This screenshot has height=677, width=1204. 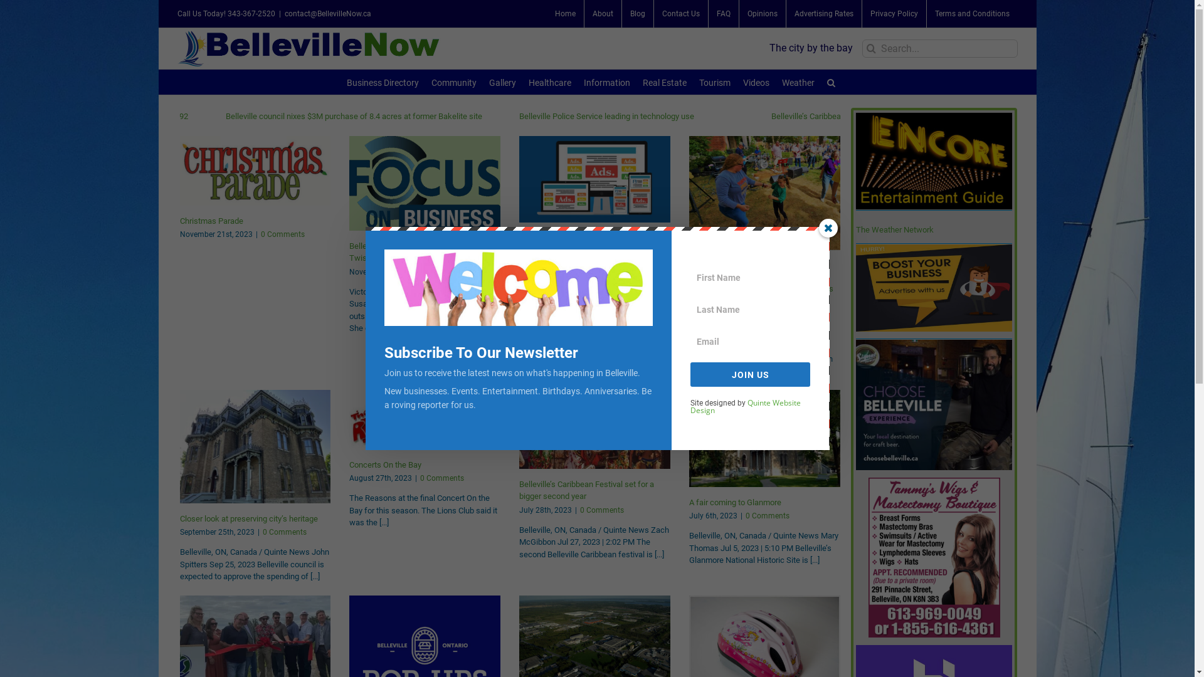 I want to click on 'Blog', so click(x=638, y=14).